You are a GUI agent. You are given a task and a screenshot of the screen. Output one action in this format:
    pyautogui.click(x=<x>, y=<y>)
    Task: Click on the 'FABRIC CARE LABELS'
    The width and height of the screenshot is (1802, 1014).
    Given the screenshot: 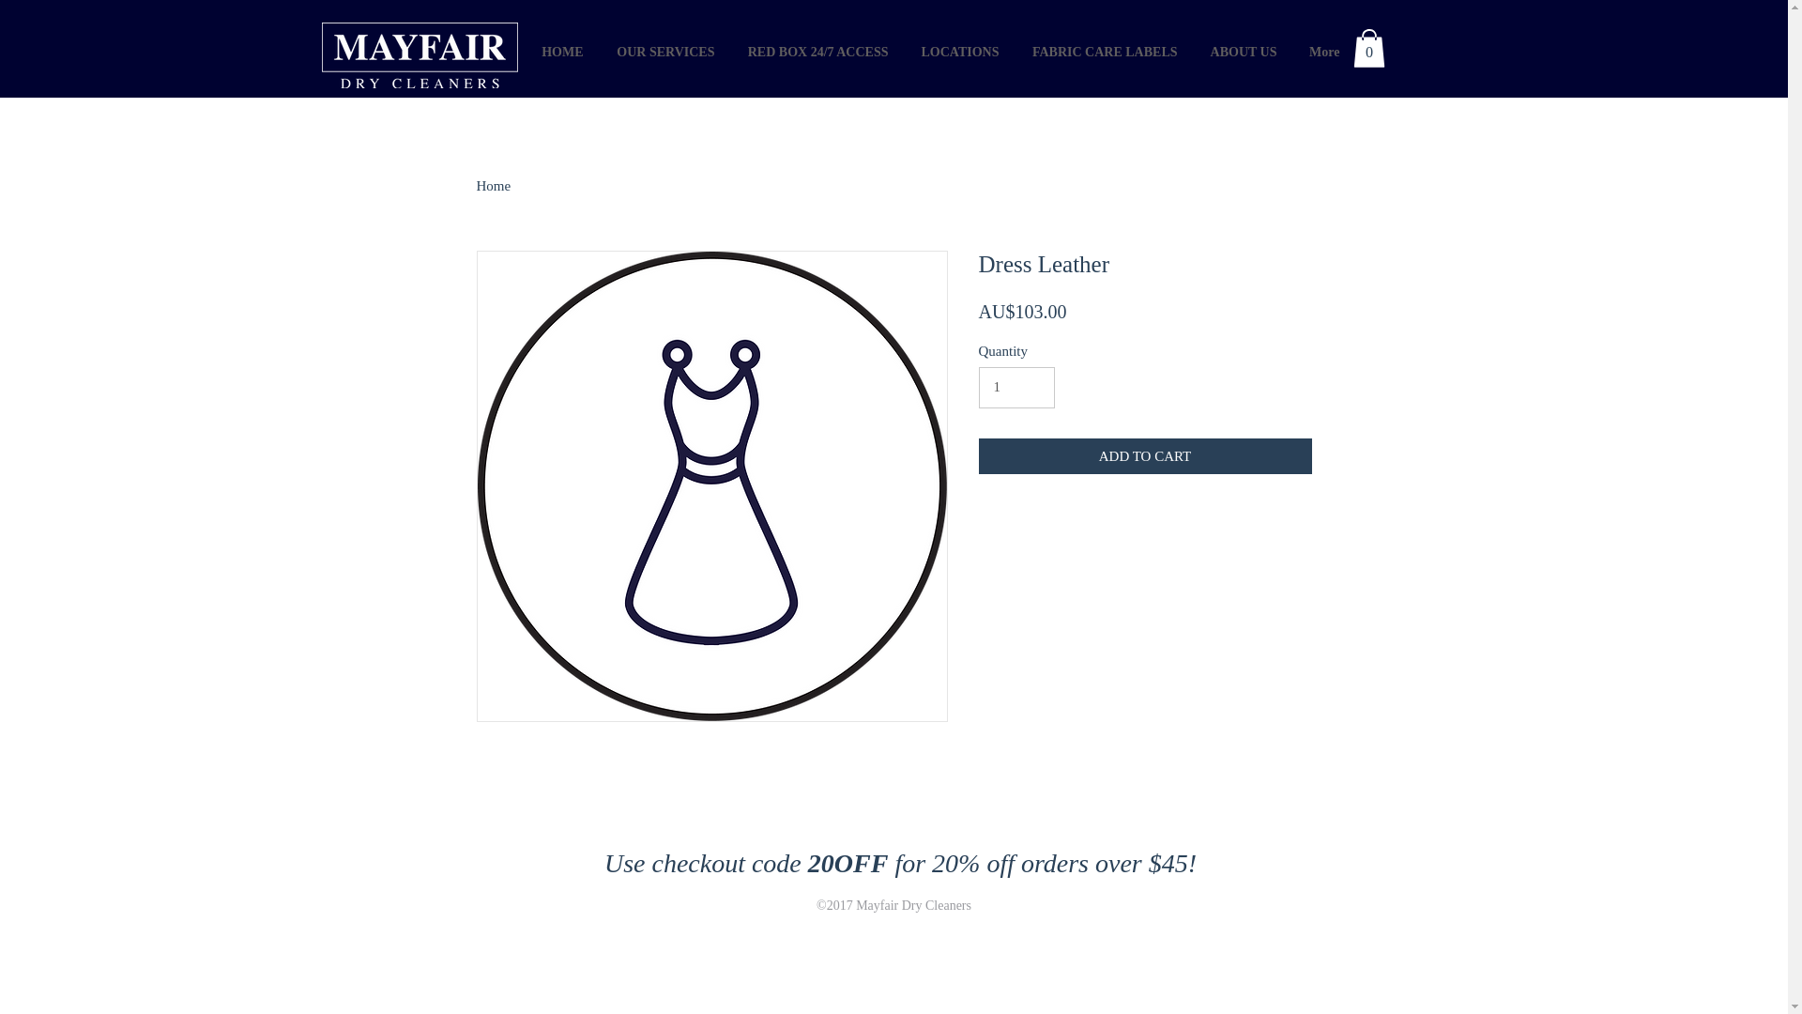 What is the action you would take?
    pyautogui.click(x=1103, y=51)
    